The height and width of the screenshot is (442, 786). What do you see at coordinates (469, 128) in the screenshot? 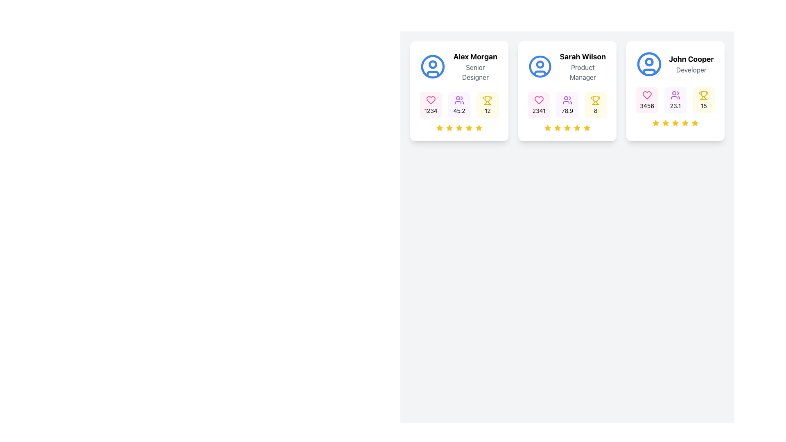
I see `the fourth star icon in the bottom section of the first profile card, which visually represents a rating score` at bounding box center [469, 128].